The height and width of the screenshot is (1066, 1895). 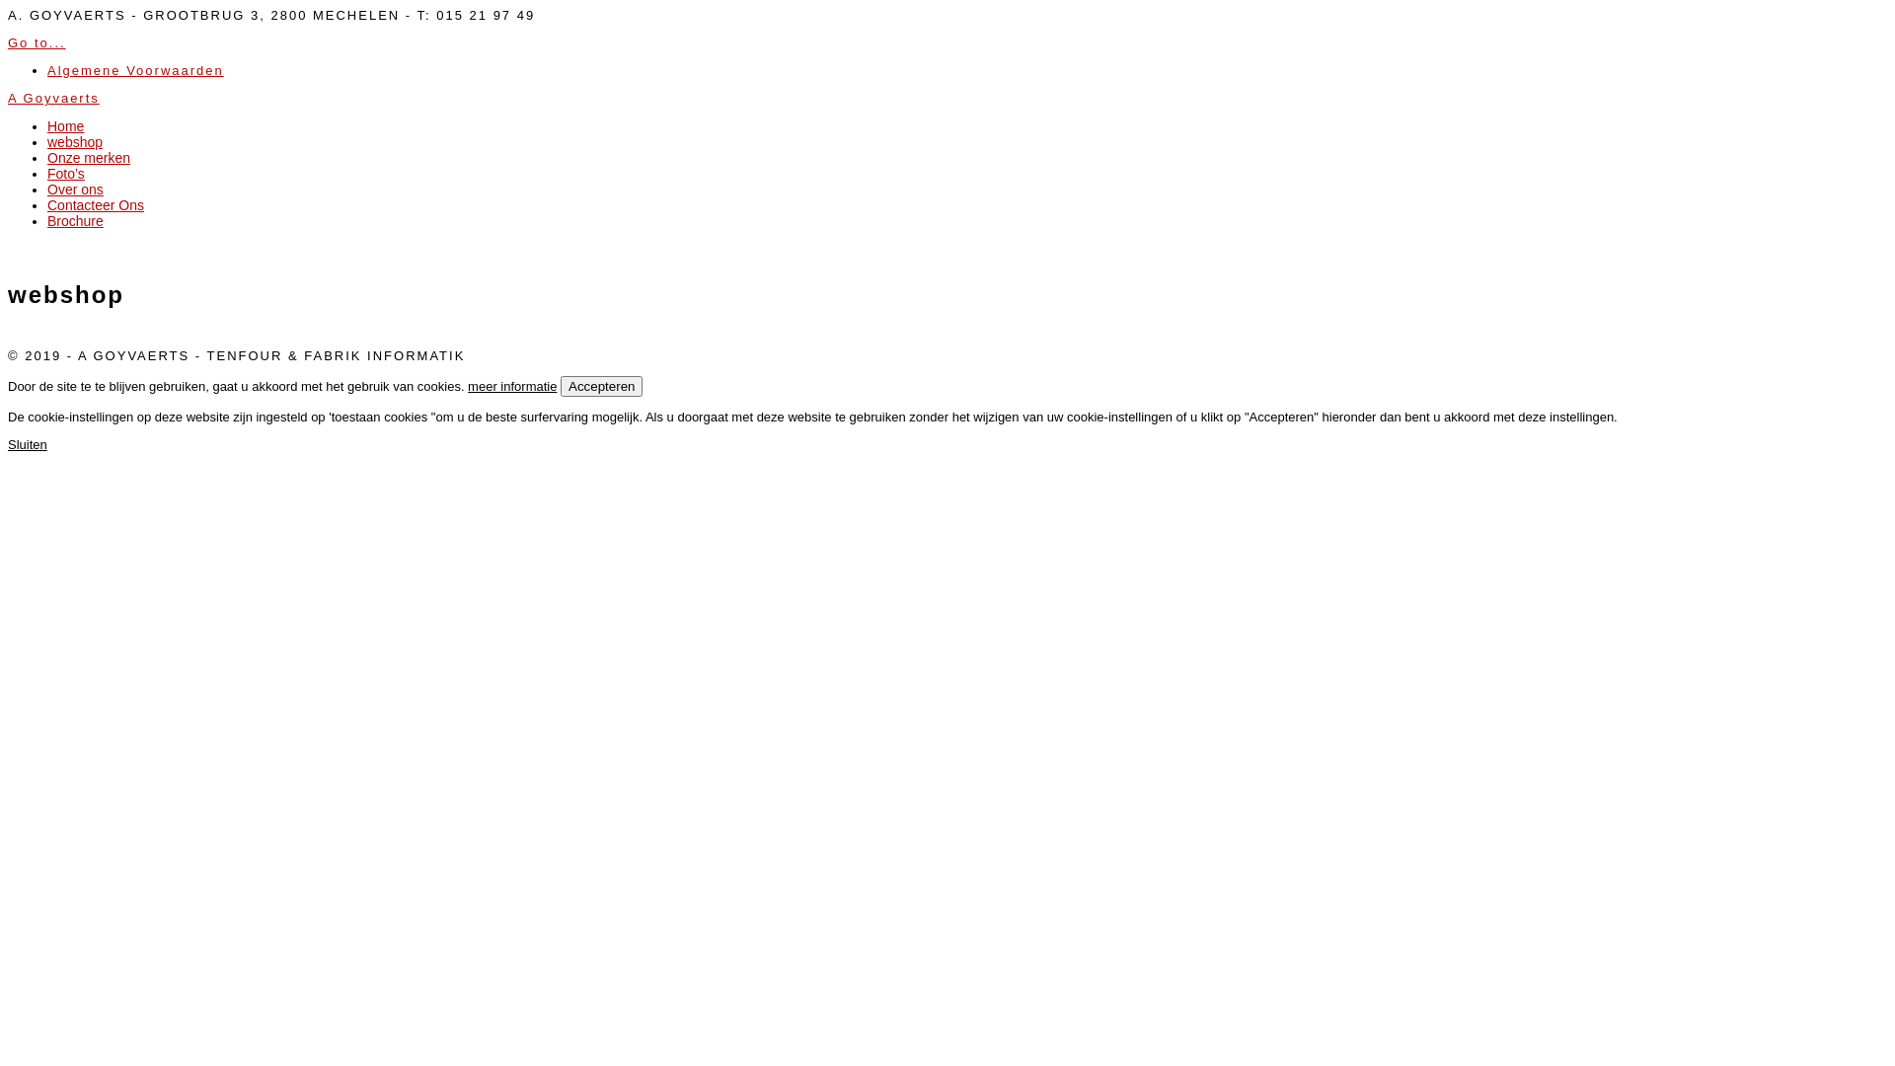 What do you see at coordinates (75, 190) in the screenshot?
I see `'Over ons'` at bounding box center [75, 190].